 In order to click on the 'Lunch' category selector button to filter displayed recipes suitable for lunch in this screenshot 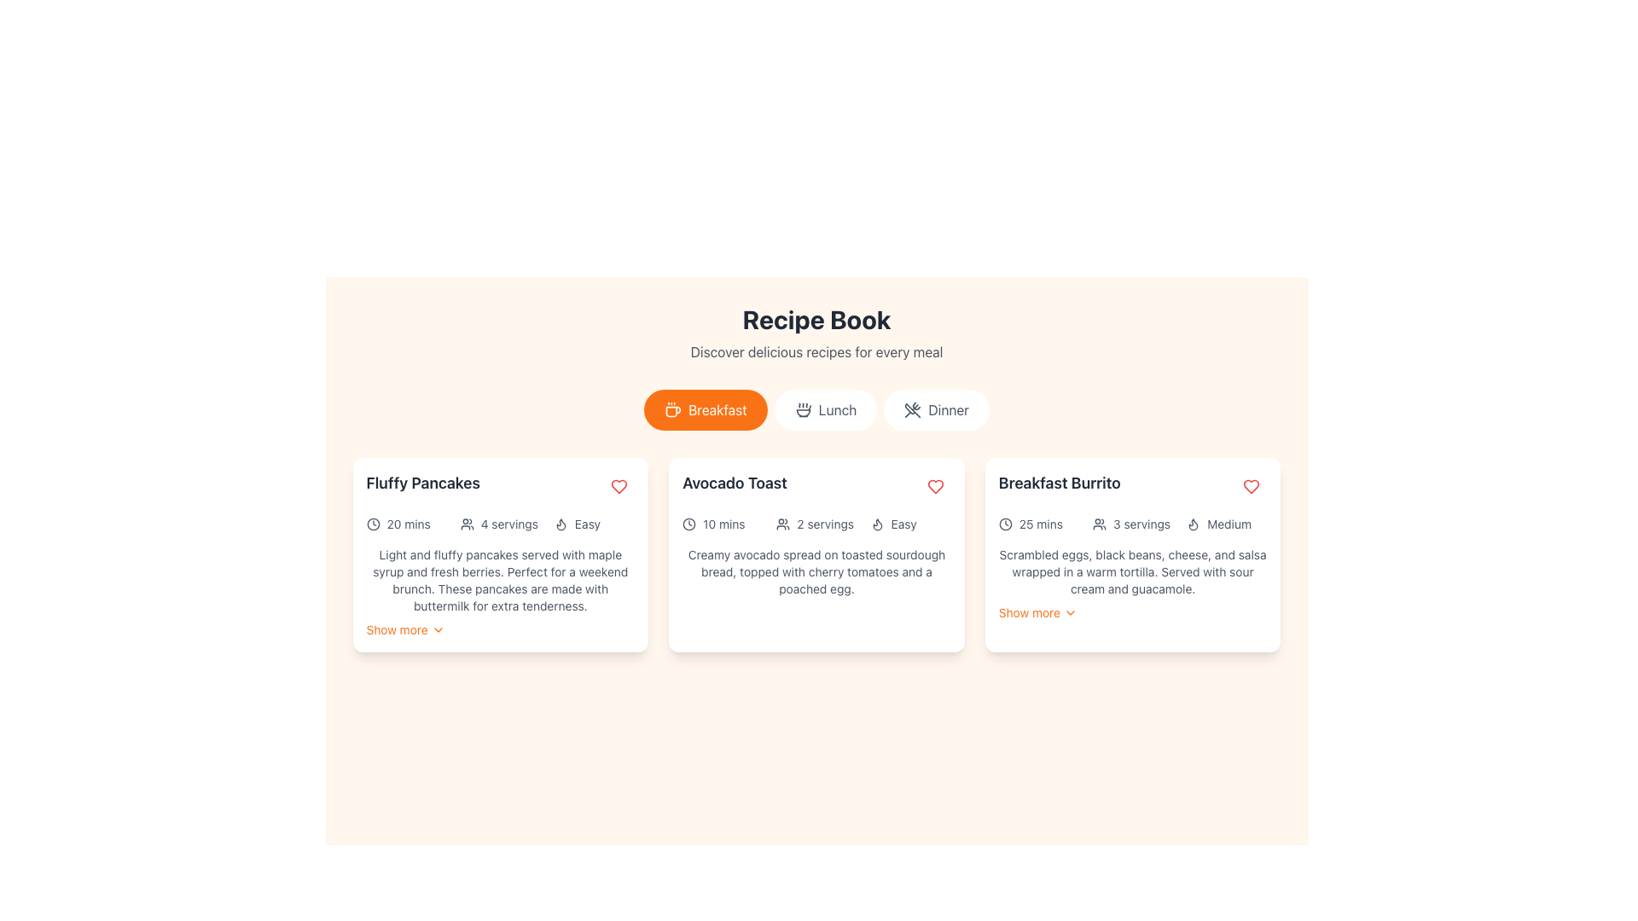, I will do `click(826, 410)`.